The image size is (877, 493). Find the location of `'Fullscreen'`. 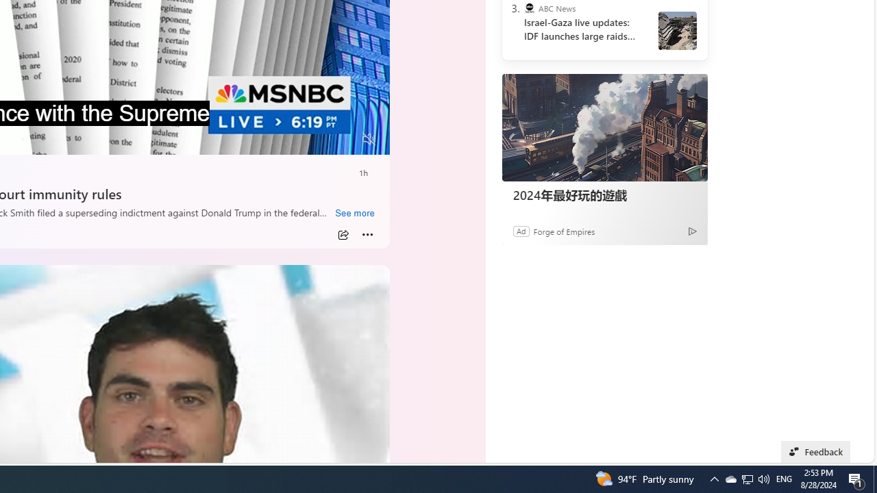

'Fullscreen' is located at coordinates (343, 139).